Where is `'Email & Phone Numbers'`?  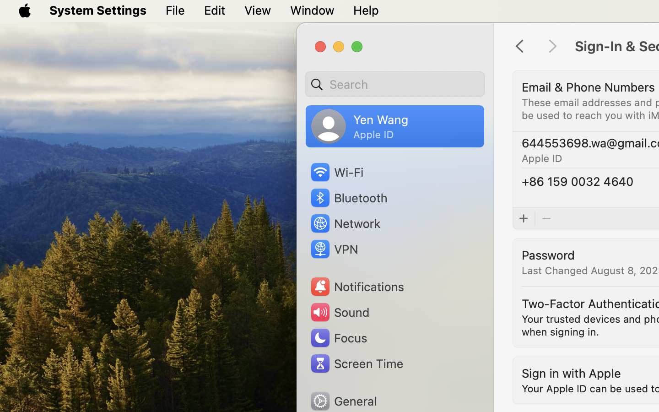 'Email & Phone Numbers' is located at coordinates (589, 87).